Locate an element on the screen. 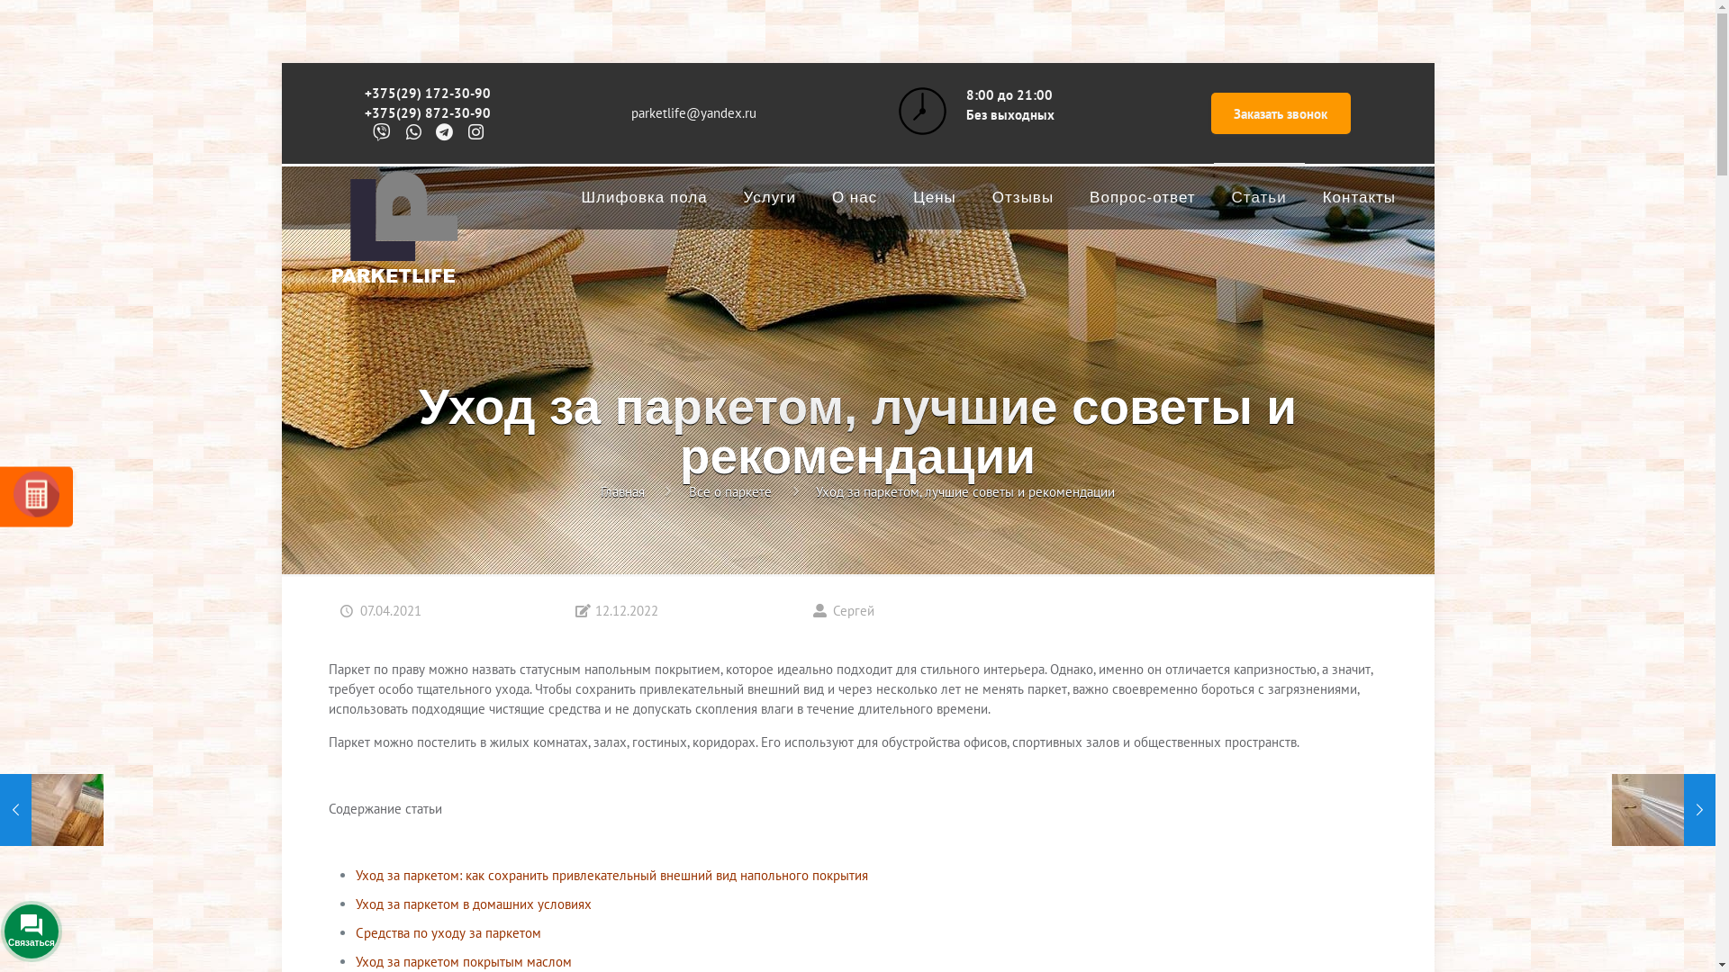  'ParketLife' is located at coordinates (392, 236).